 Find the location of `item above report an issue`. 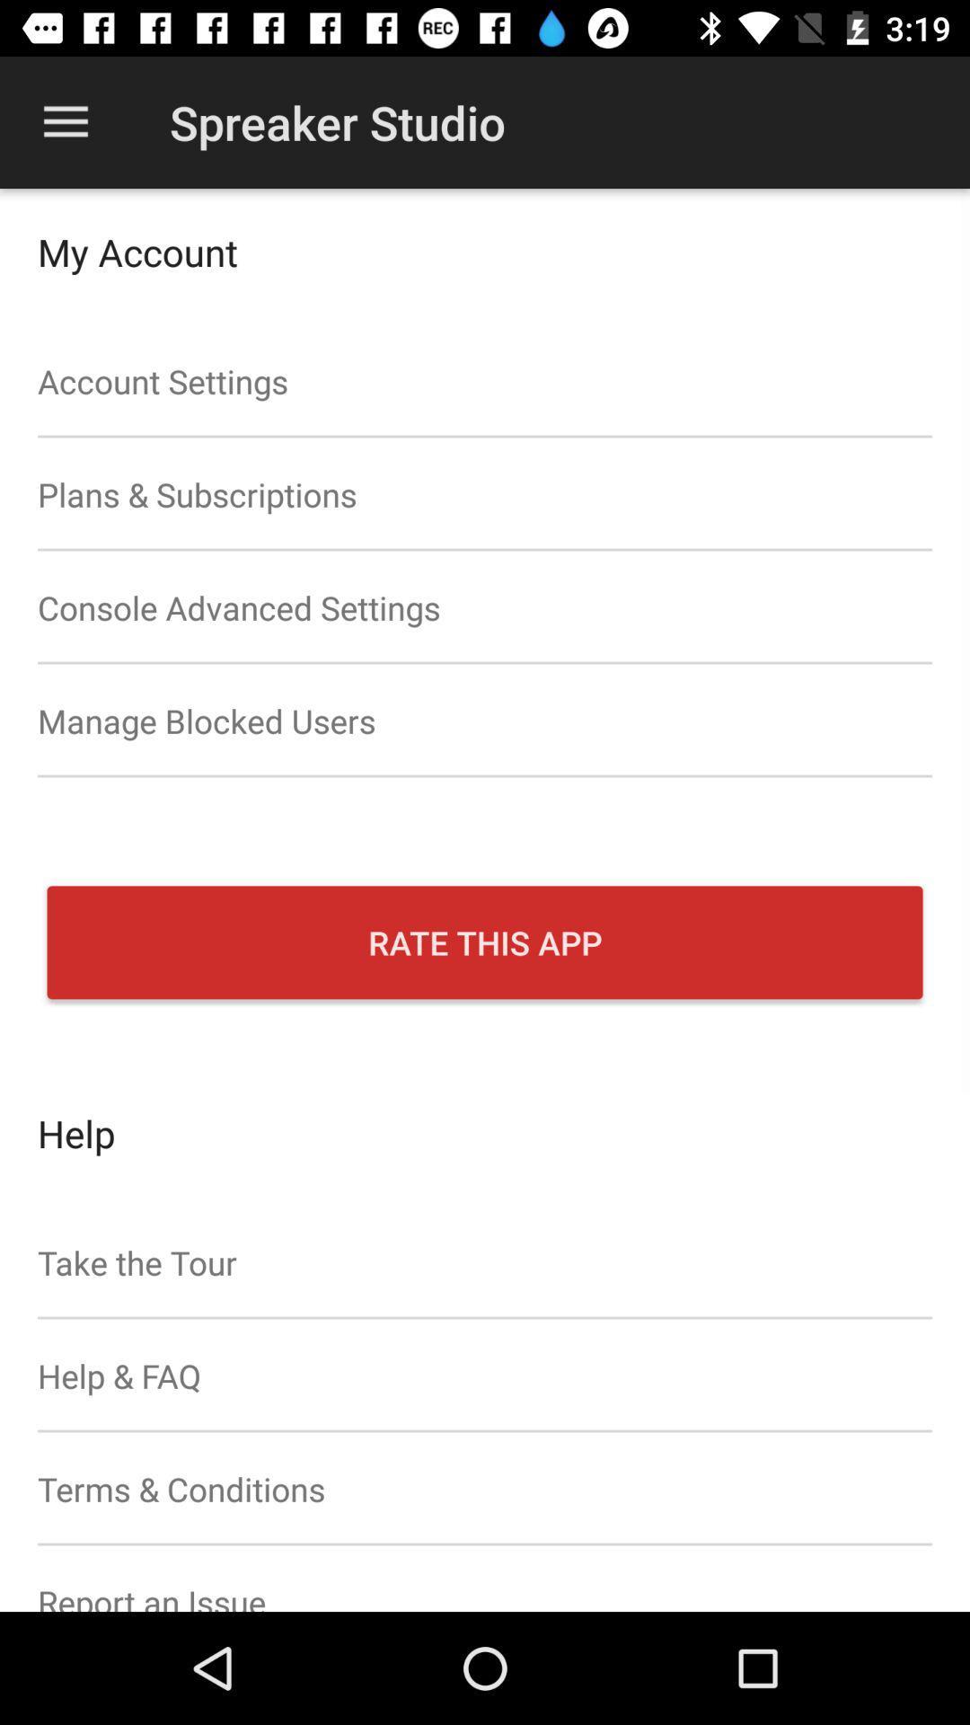

item above report an issue is located at coordinates (485, 1489).